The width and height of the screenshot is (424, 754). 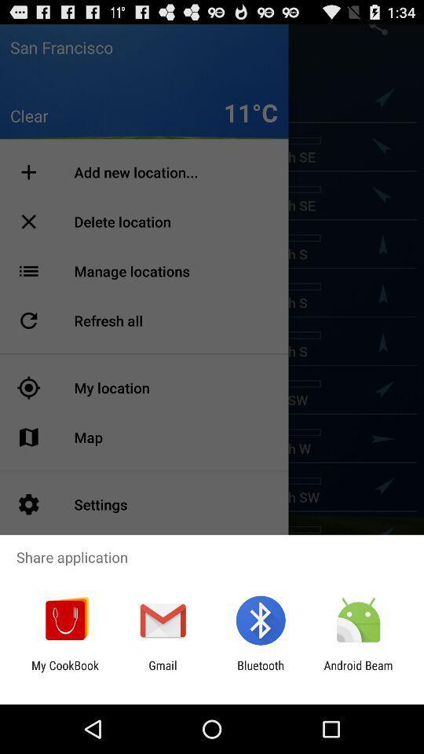 What do you see at coordinates (64, 672) in the screenshot?
I see `the app next to the gmail icon` at bounding box center [64, 672].